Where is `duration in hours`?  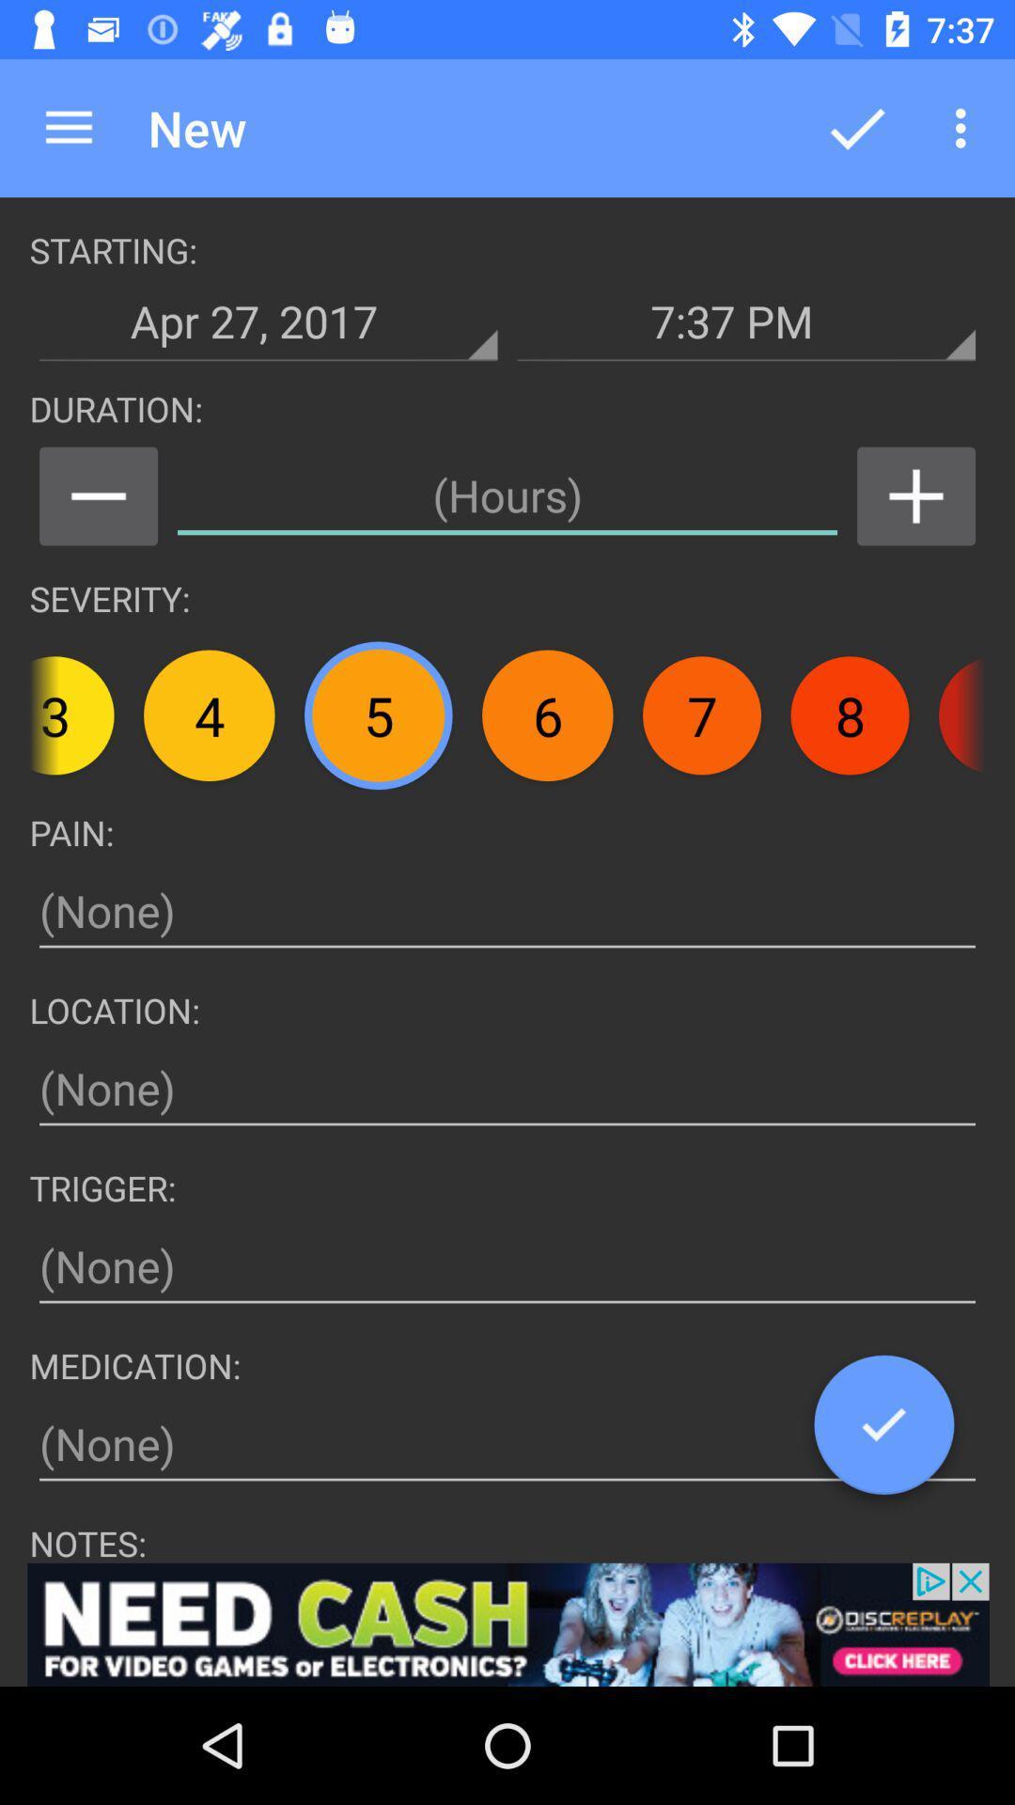 duration in hours is located at coordinates (507, 496).